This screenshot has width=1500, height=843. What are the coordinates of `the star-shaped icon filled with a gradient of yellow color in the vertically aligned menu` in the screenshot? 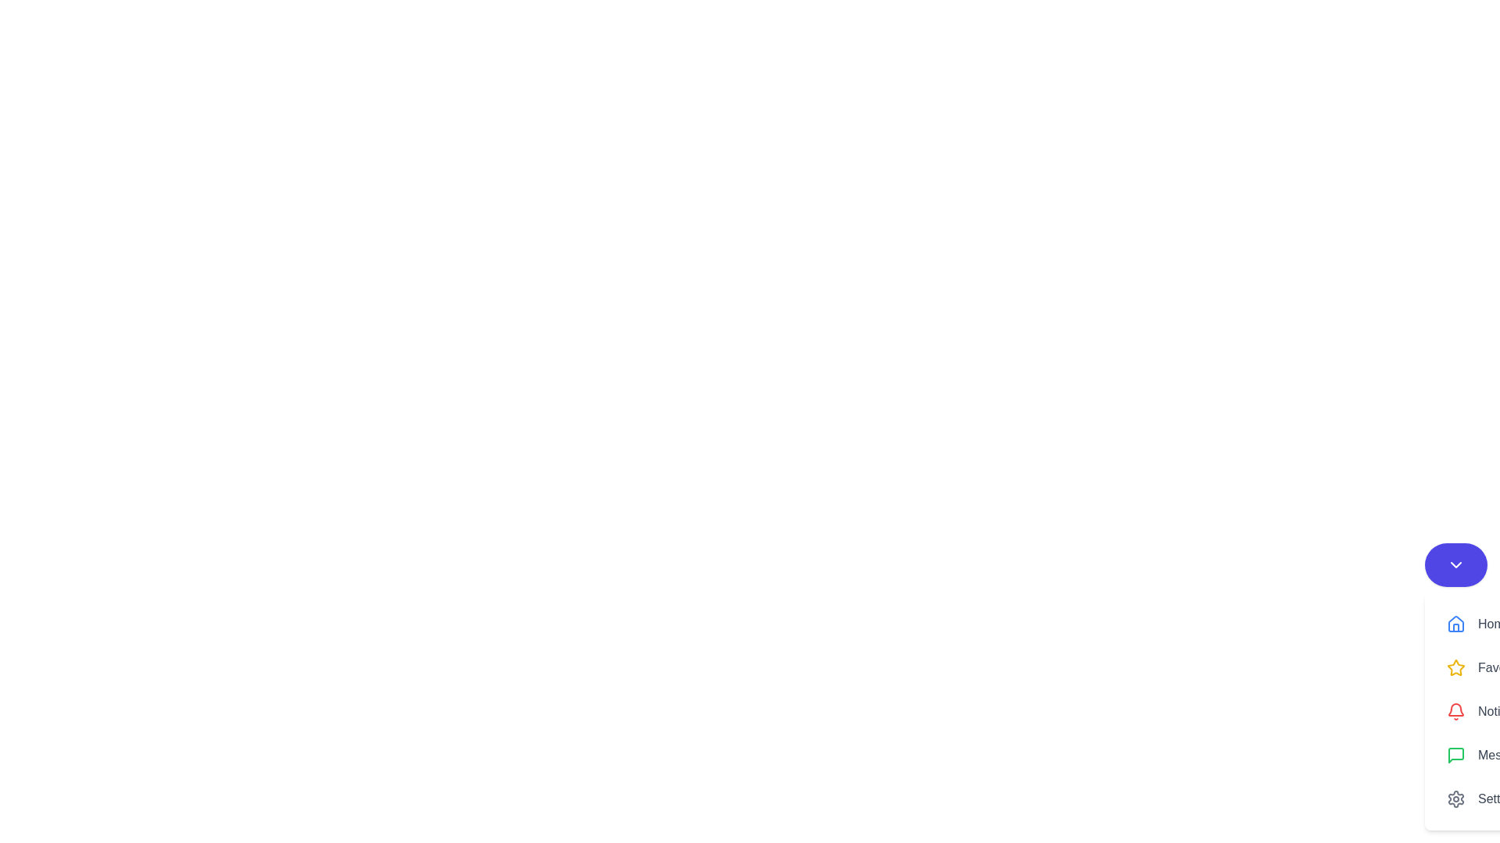 It's located at (1455, 667).